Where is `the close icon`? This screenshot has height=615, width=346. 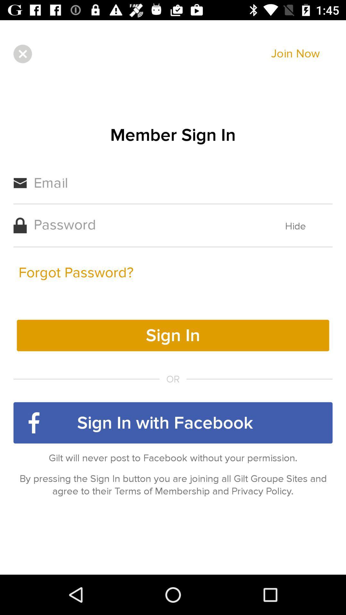 the close icon is located at coordinates (22, 54).